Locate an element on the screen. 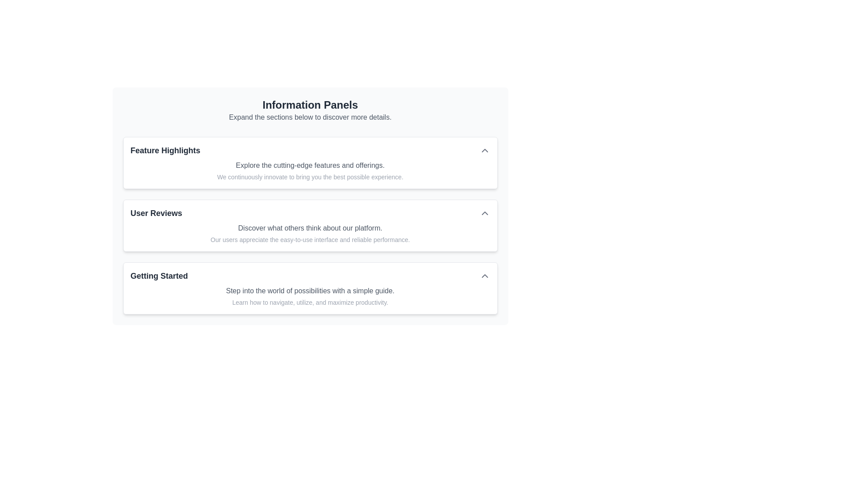 The width and height of the screenshot is (848, 477). the static text label that displays 'Discover what others think about our platform.' located within the 'User Reviews' panel is located at coordinates (310, 227).